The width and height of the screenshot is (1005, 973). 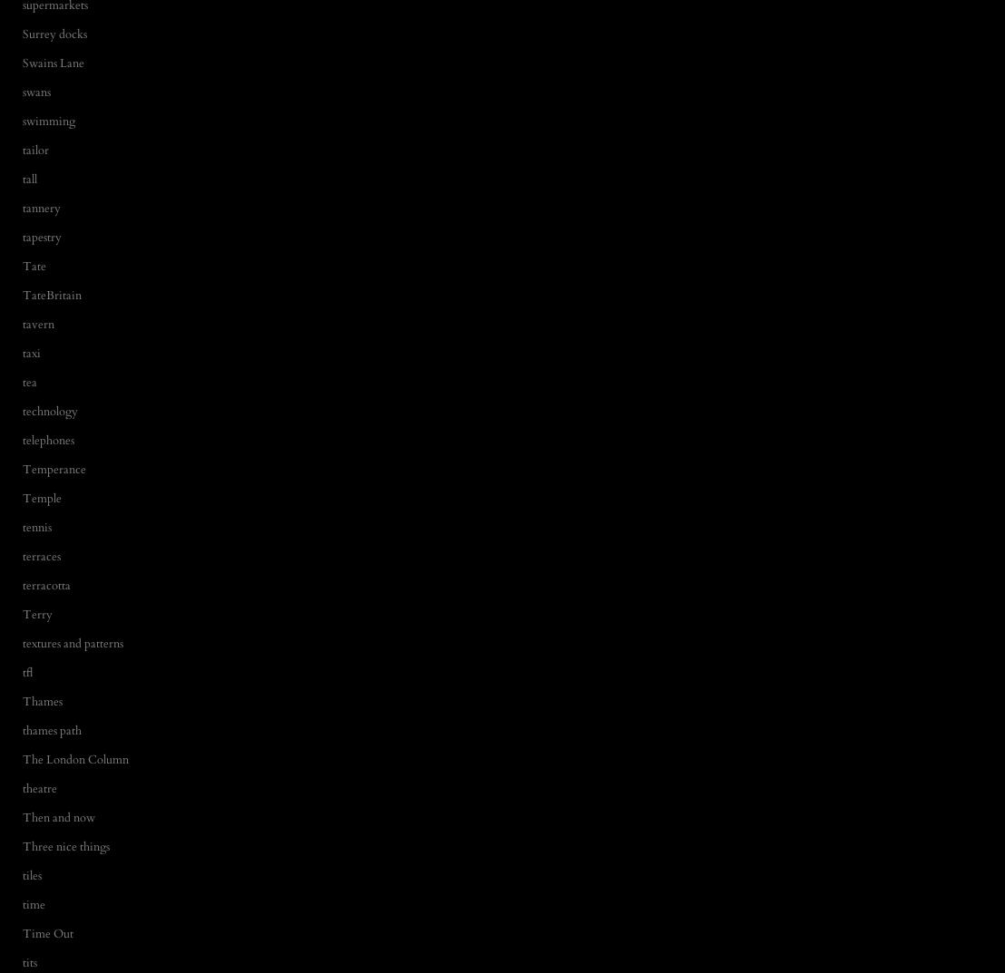 What do you see at coordinates (30, 382) in the screenshot?
I see `'tea'` at bounding box center [30, 382].